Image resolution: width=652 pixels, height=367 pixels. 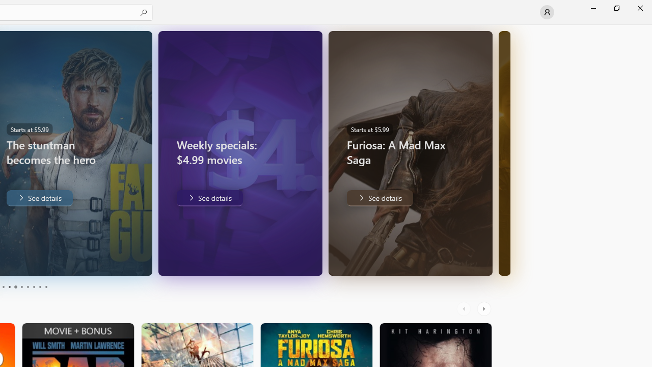 I want to click on 'AutomationID: RightScrollButton', so click(x=484, y=308).